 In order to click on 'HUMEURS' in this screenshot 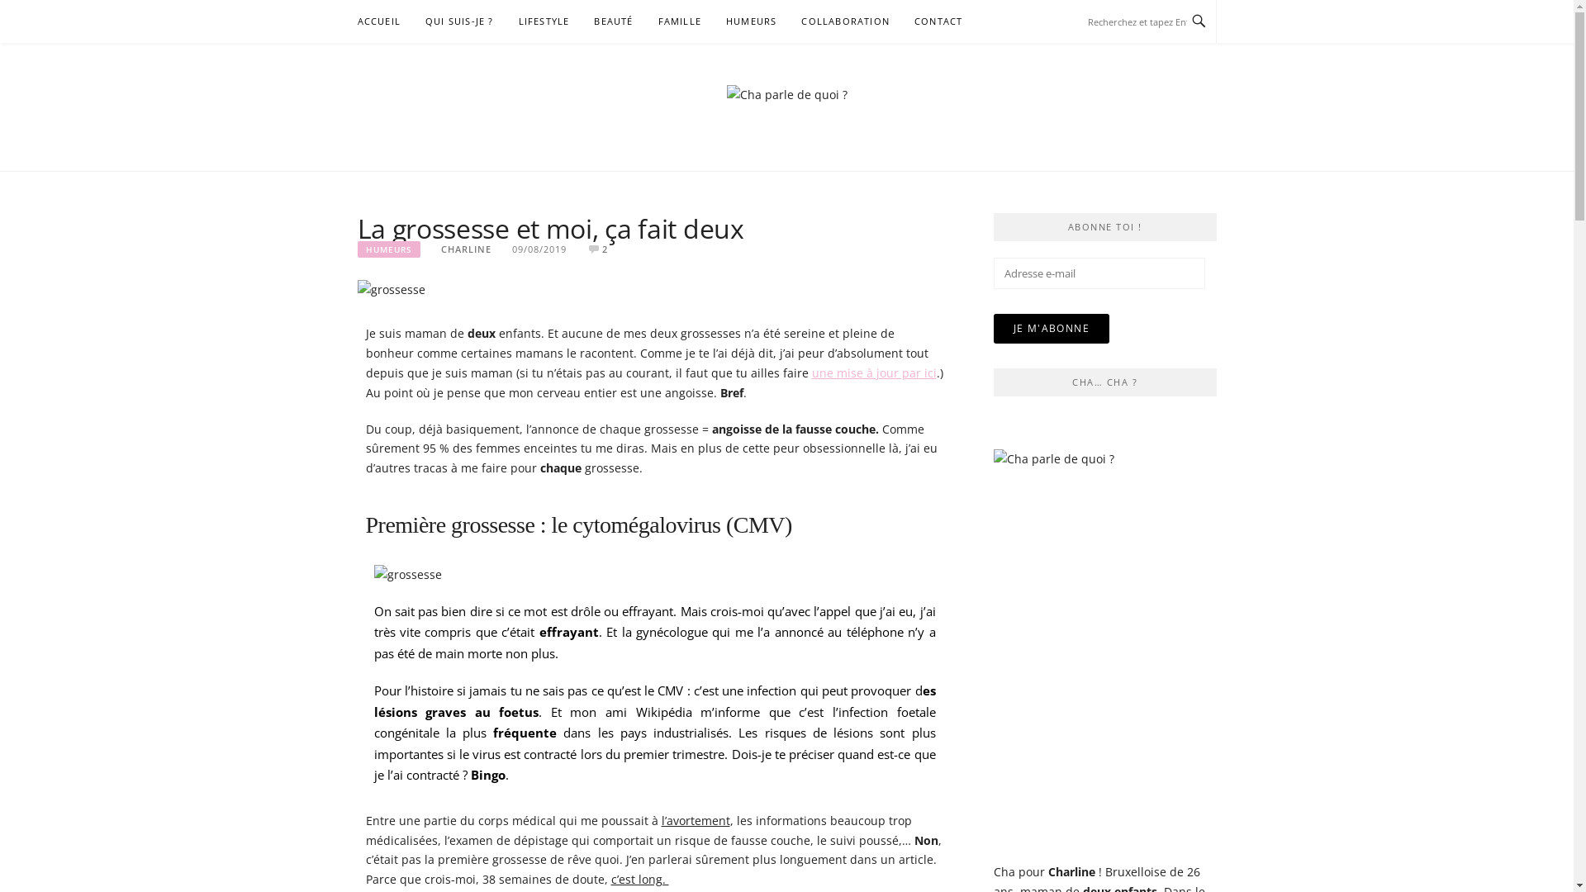, I will do `click(387, 249)`.